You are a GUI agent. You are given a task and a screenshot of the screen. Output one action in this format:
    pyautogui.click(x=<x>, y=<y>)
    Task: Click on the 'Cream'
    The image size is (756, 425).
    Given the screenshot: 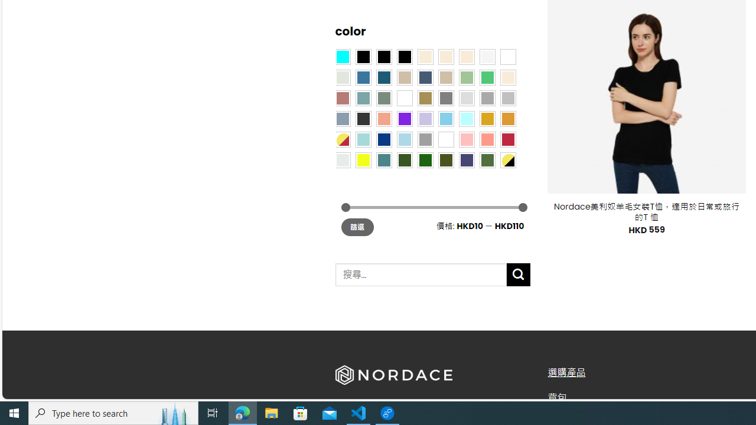 What is the action you would take?
    pyautogui.click(x=465, y=56)
    